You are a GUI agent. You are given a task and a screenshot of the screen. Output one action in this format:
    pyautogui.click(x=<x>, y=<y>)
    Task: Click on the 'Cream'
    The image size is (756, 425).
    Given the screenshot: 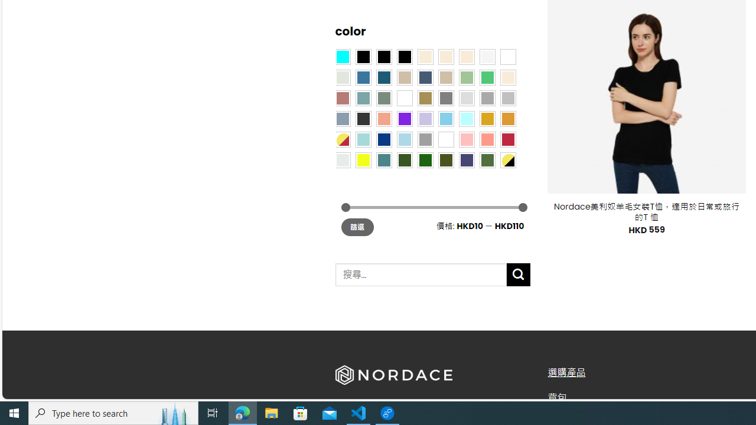 What is the action you would take?
    pyautogui.click(x=465, y=56)
    